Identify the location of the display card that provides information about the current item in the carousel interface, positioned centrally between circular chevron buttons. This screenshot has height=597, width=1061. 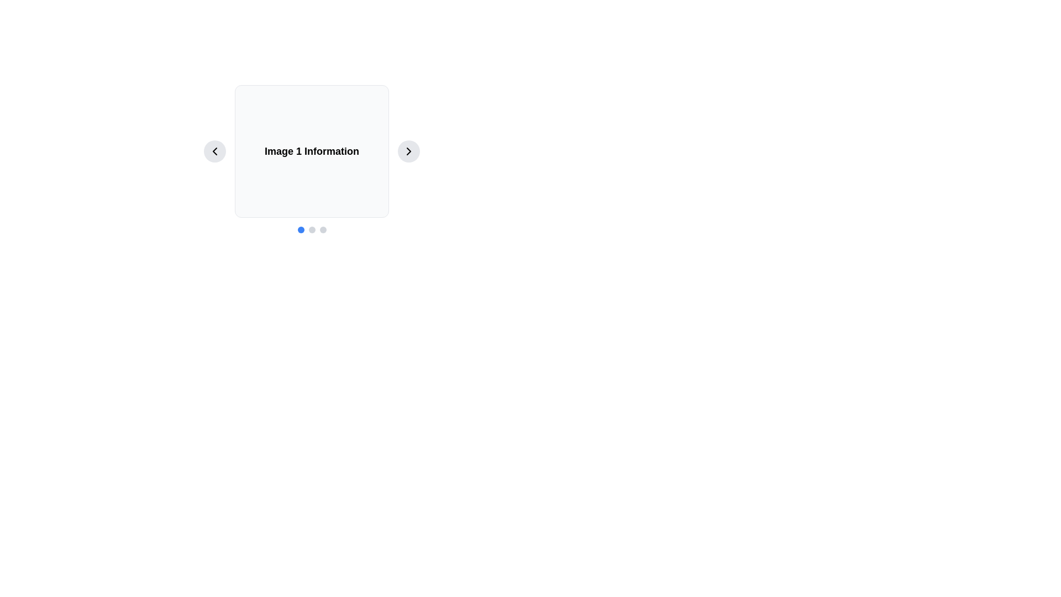
(311, 151).